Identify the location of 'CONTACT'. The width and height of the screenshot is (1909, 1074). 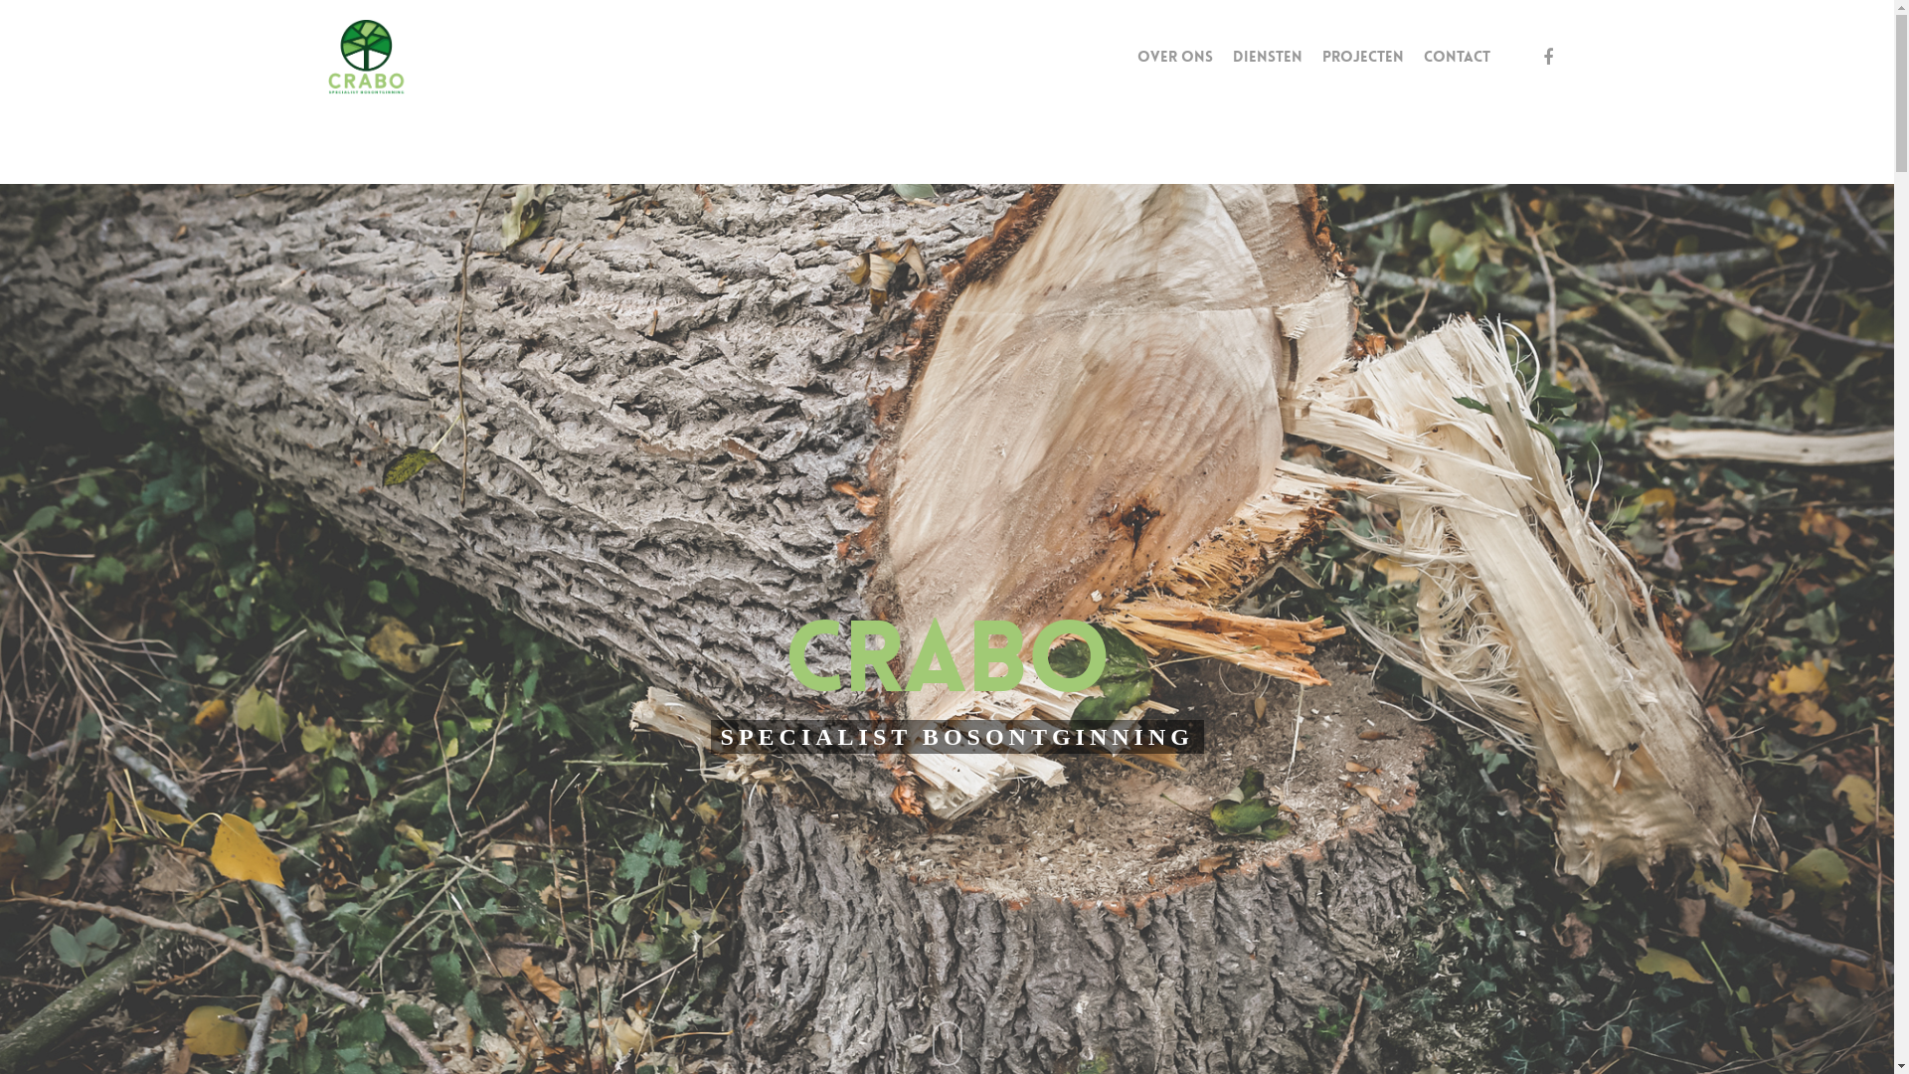
(1457, 56).